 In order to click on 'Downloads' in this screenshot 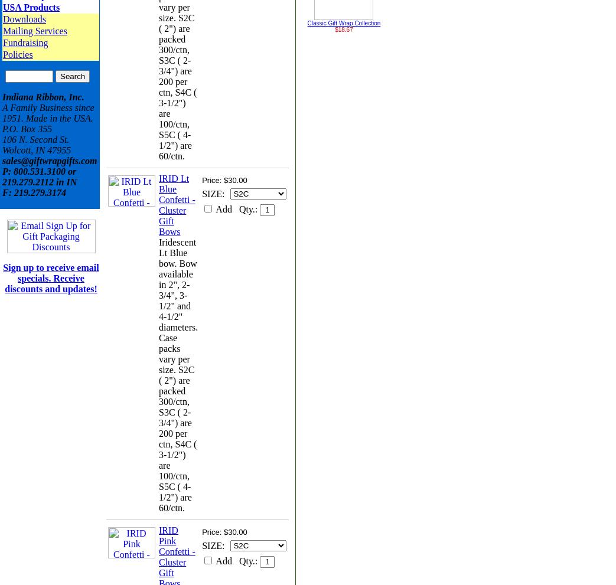, I will do `click(23, 18)`.